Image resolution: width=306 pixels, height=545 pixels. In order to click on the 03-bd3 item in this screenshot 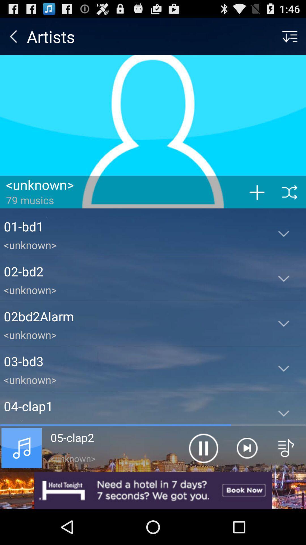, I will do `click(132, 361)`.